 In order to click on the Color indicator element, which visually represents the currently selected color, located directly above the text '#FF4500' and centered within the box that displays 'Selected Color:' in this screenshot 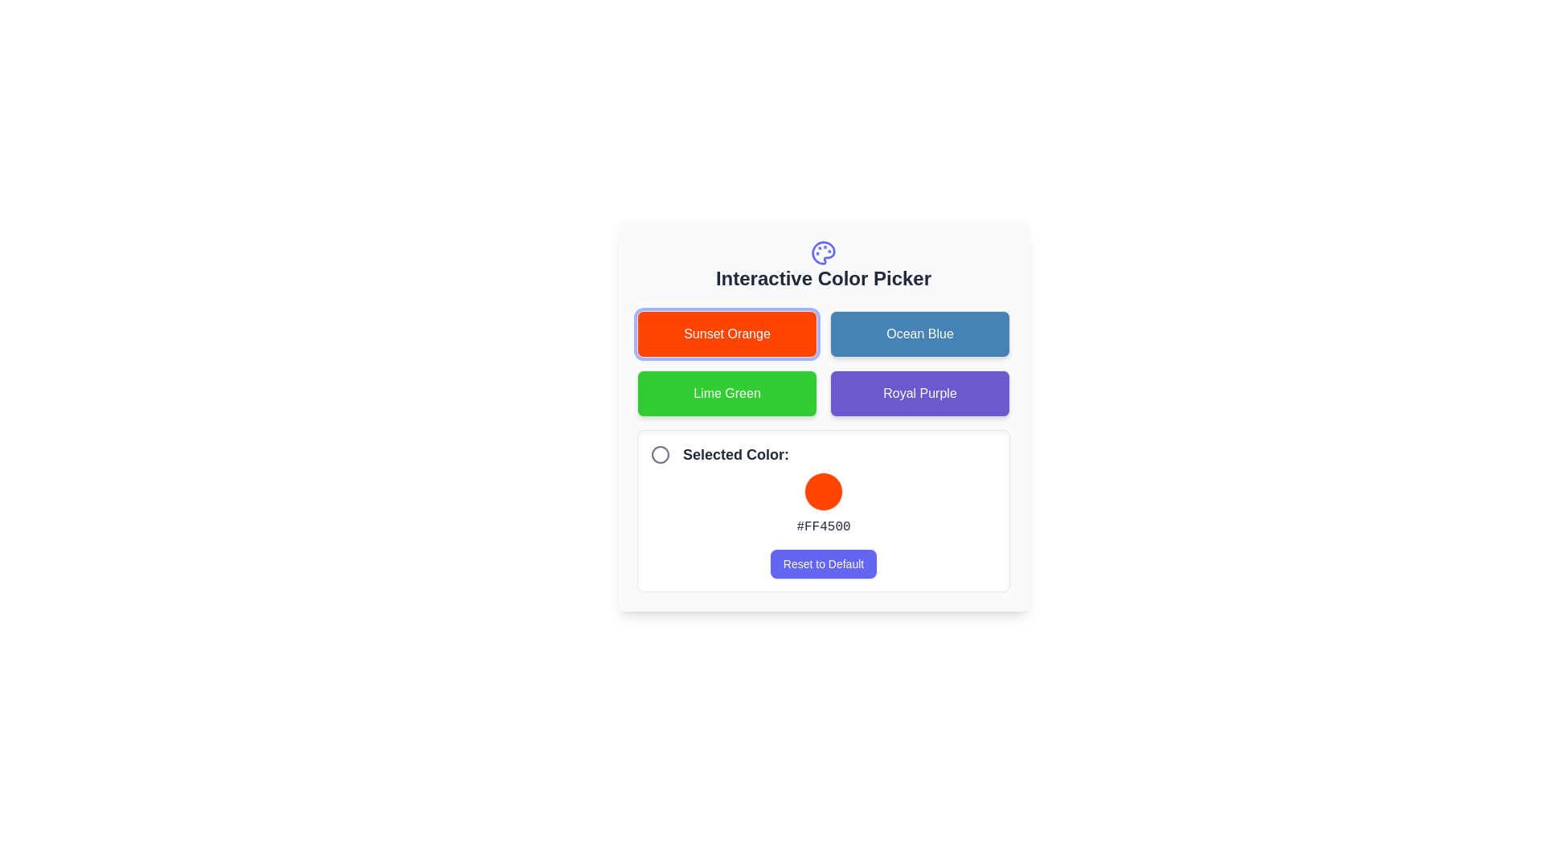, I will do `click(824, 491)`.